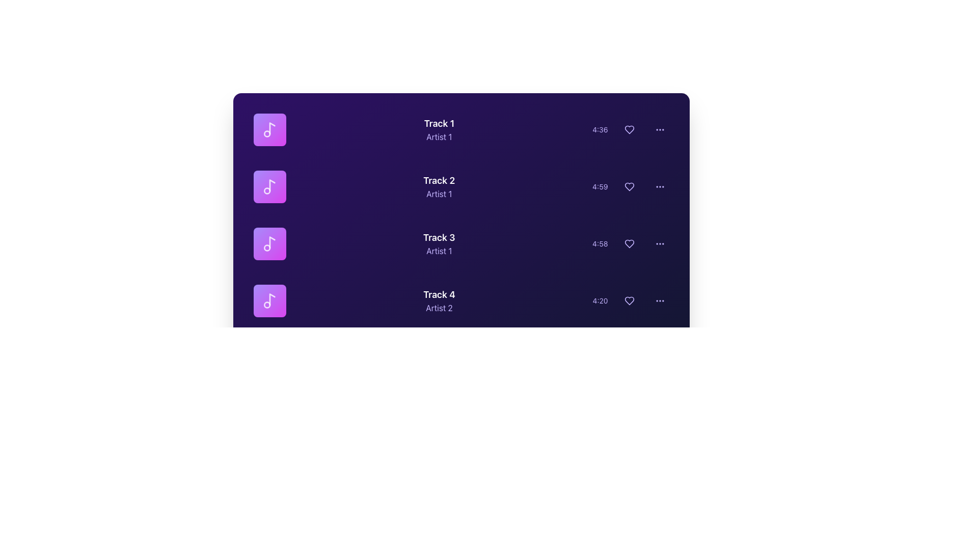  What do you see at coordinates (629, 129) in the screenshot?
I see `the heart icon button outlined in violet` at bounding box center [629, 129].